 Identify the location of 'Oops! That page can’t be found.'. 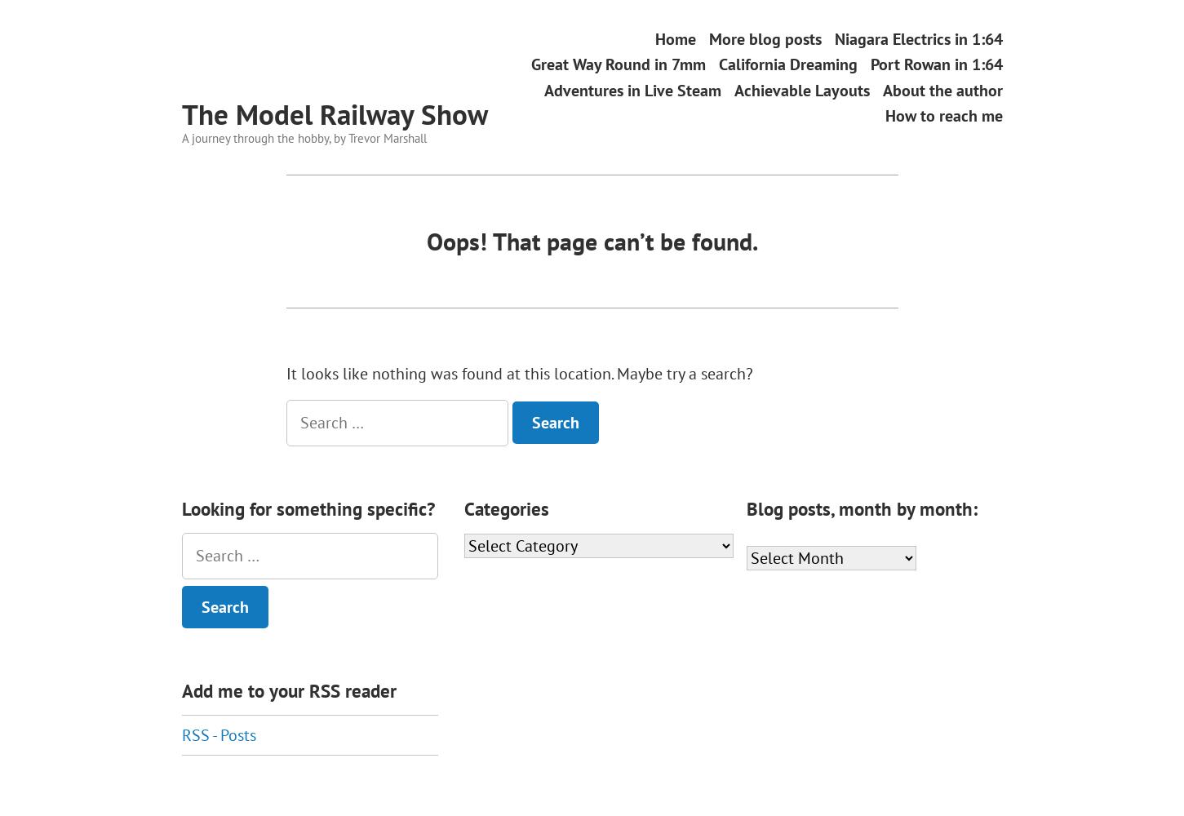
(592, 241).